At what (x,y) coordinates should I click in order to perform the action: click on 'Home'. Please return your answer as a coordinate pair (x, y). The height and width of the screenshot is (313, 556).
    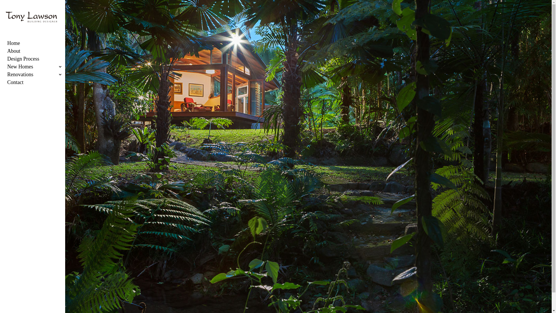
    Looking at the image, I should click on (39, 45).